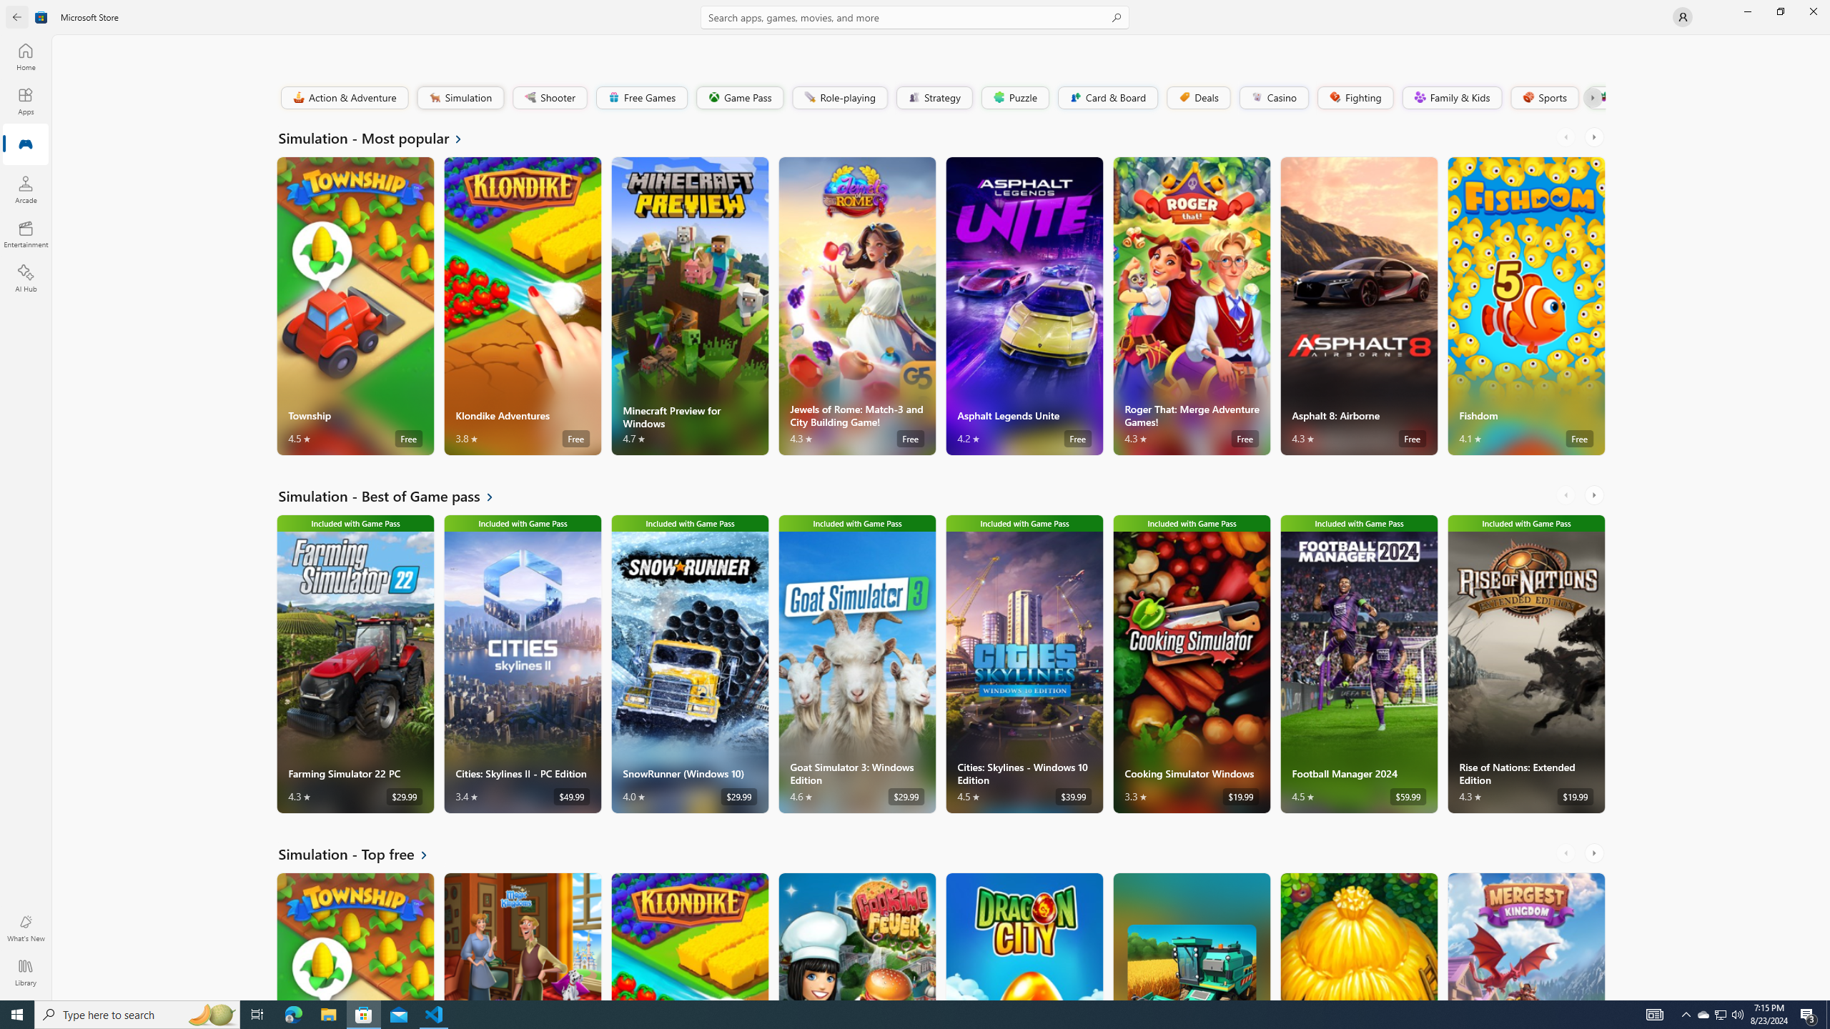  What do you see at coordinates (1812, 11) in the screenshot?
I see `'Close Microsoft Store'` at bounding box center [1812, 11].